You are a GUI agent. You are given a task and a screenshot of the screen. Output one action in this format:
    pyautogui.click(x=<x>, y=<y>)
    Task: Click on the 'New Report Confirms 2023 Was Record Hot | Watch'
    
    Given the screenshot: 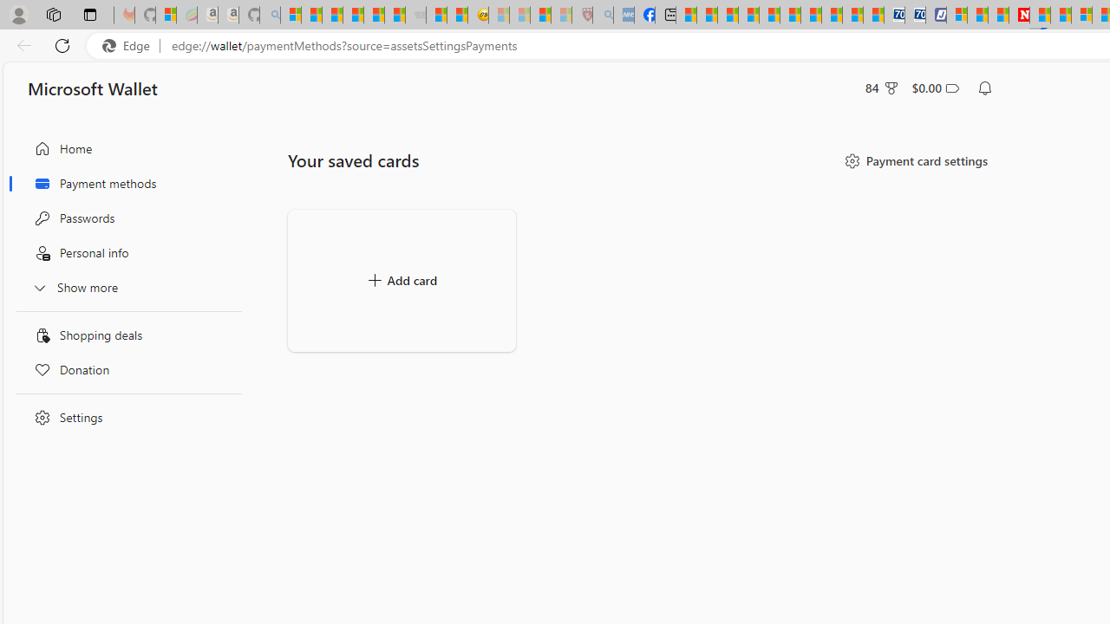 What is the action you would take?
    pyautogui.click(x=373, y=15)
    